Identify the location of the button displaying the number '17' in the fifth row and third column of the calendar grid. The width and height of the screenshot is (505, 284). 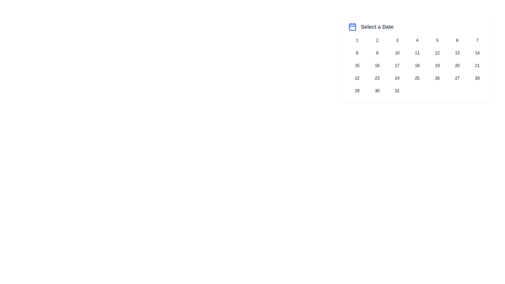
(397, 65).